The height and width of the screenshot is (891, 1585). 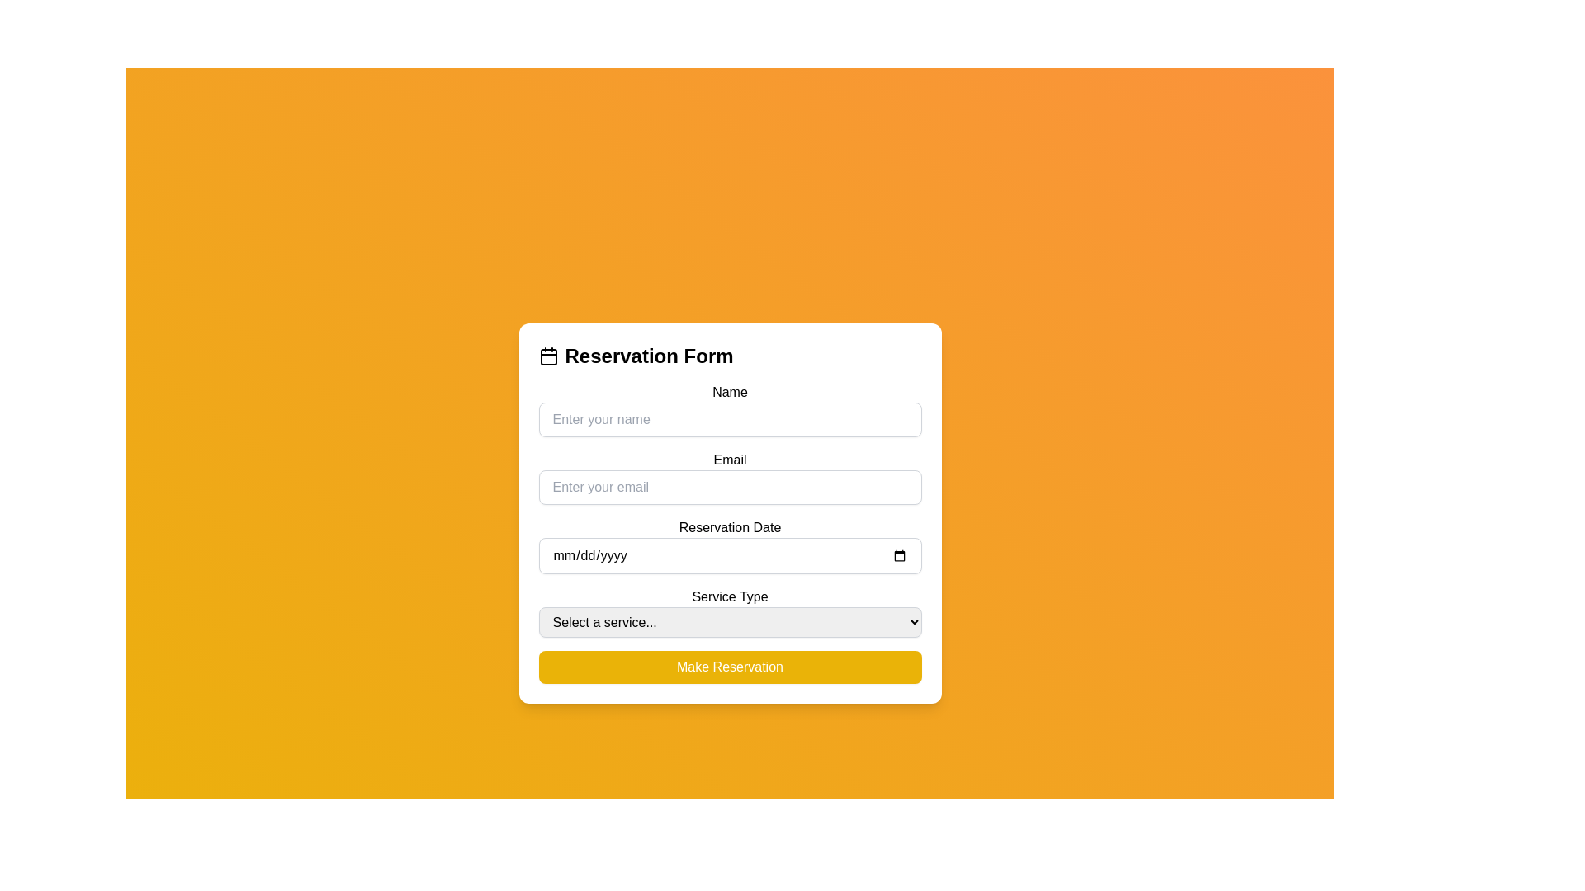 What do you see at coordinates (729, 460) in the screenshot?
I see `the 'Email' label, which is a bold black text element located above the email input field within the reservation form interface` at bounding box center [729, 460].